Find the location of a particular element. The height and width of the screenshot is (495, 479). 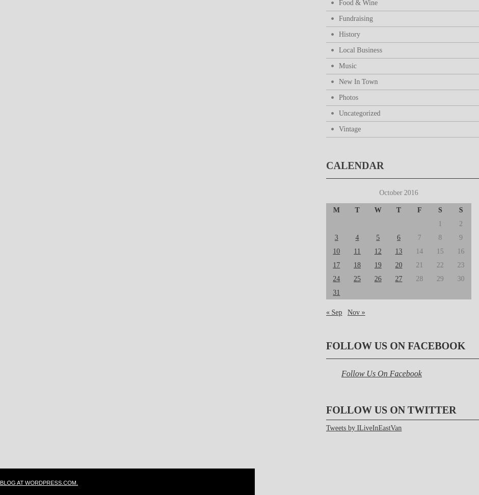

'9' is located at coordinates (460, 237).